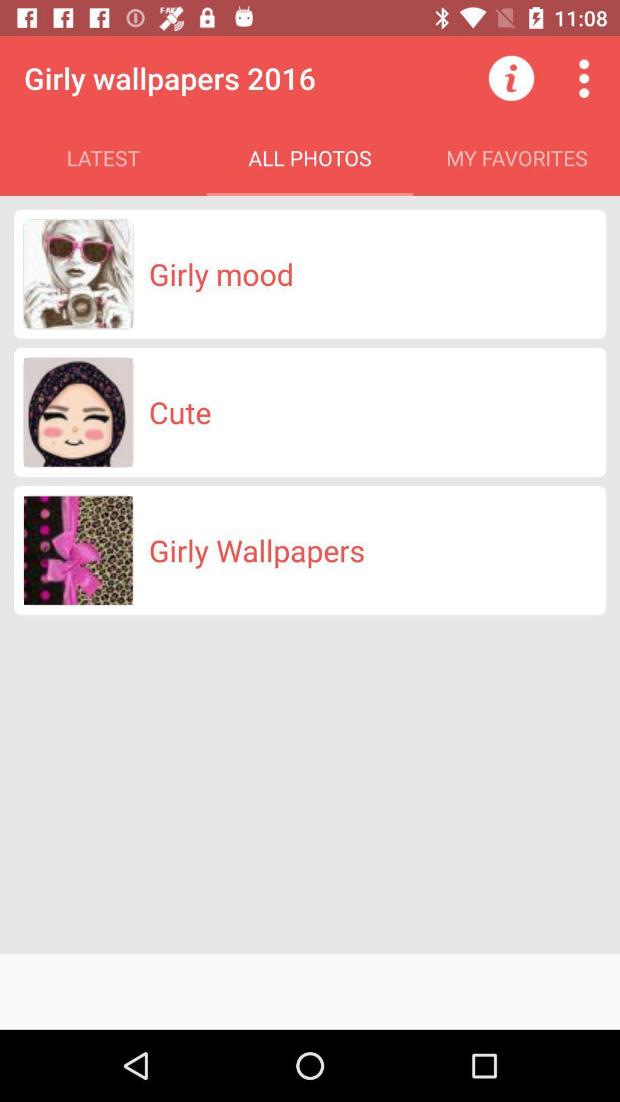 The image size is (620, 1102). I want to click on the app below the latest app, so click(221, 273).